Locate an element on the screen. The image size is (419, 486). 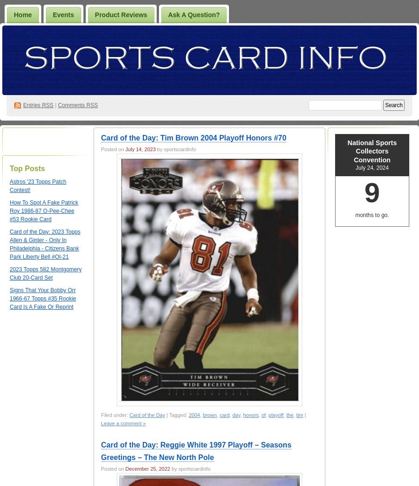
'Signs That Your Bobby Orr 1966-67 Topps #35 Rookie Card Is A Fake Or Reprint' is located at coordinates (43, 298).